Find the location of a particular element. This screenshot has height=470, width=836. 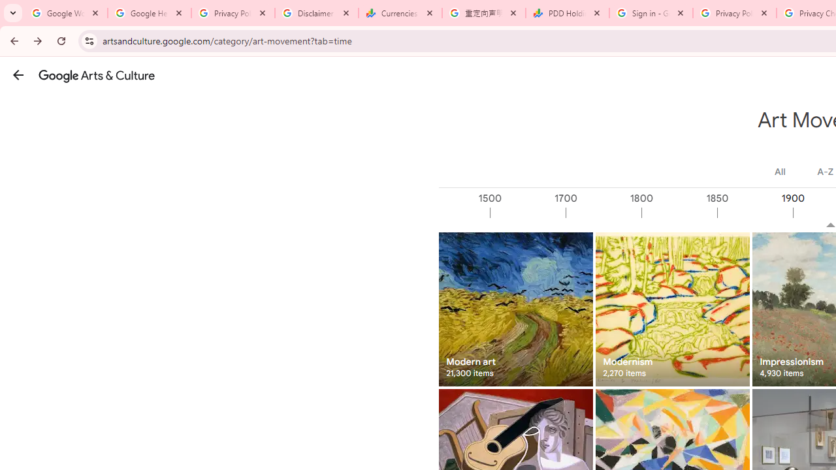

'Sign in - Google Accounts' is located at coordinates (651, 13).